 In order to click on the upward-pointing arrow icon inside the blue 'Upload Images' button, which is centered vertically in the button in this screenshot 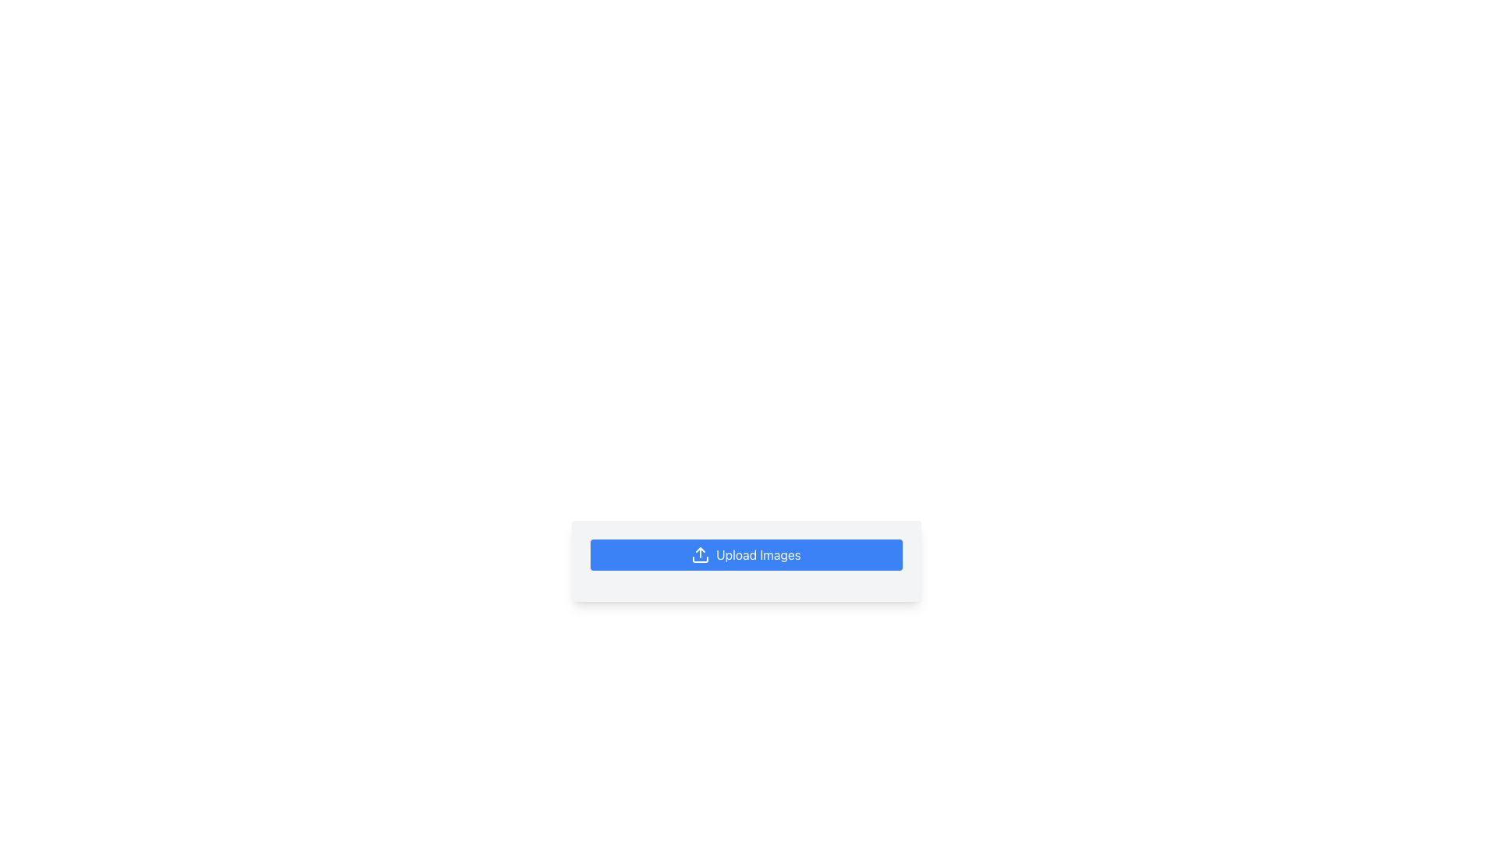, I will do `click(700, 554)`.